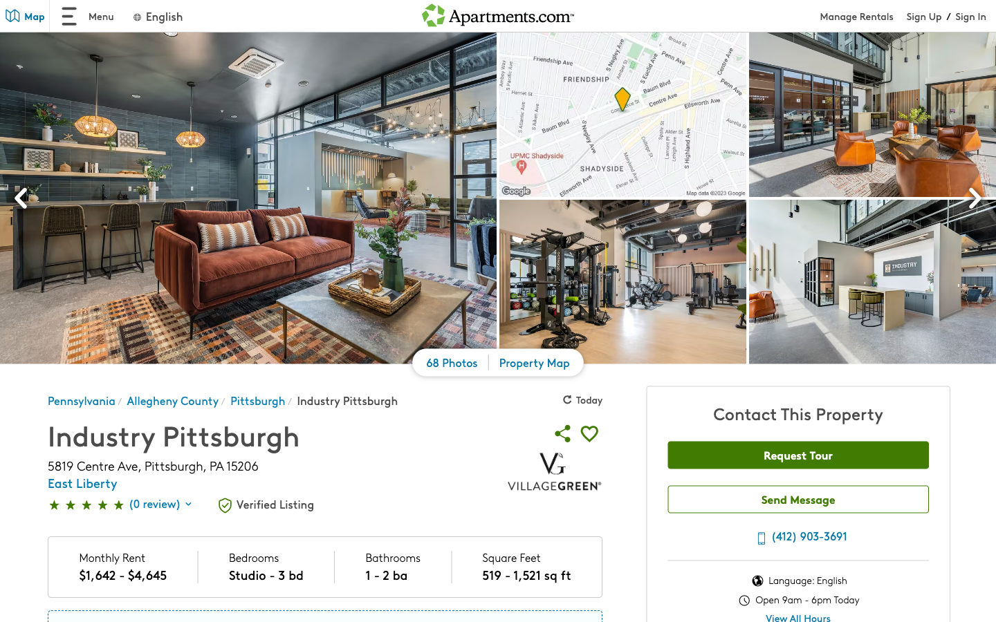  Describe the element at coordinates (798, 501) in the screenshot. I see `Input the text "hello" in the message box and hit enter` at that location.